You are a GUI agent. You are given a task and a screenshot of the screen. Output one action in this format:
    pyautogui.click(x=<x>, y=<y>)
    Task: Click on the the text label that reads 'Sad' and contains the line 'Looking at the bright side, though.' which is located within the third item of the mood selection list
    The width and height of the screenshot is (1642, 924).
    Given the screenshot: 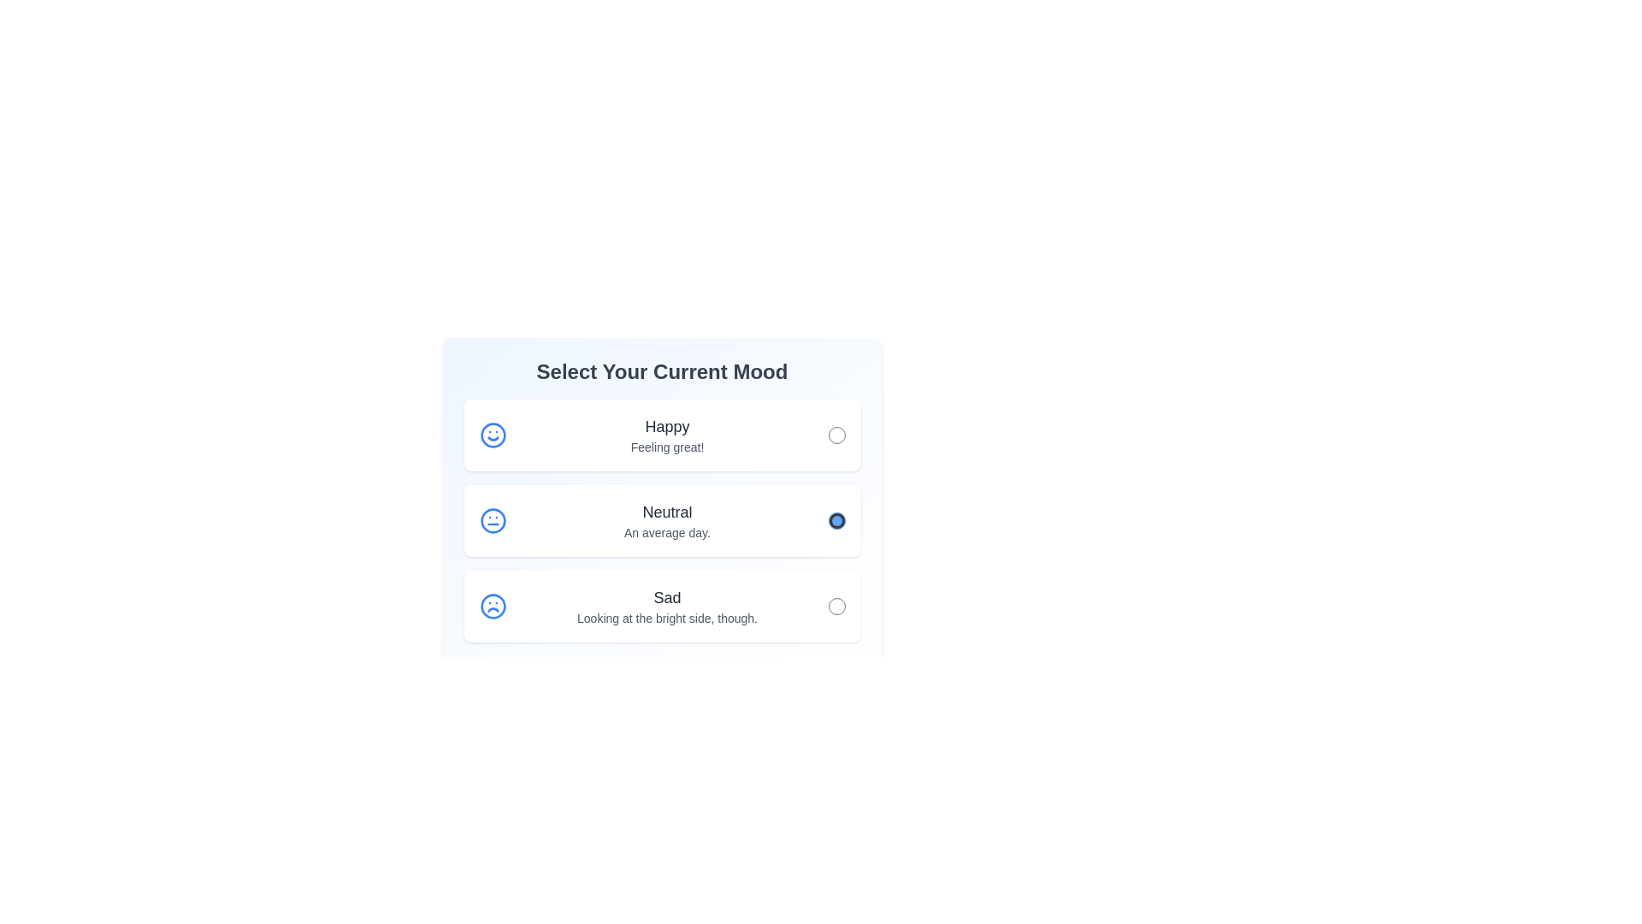 What is the action you would take?
    pyautogui.click(x=666, y=606)
    